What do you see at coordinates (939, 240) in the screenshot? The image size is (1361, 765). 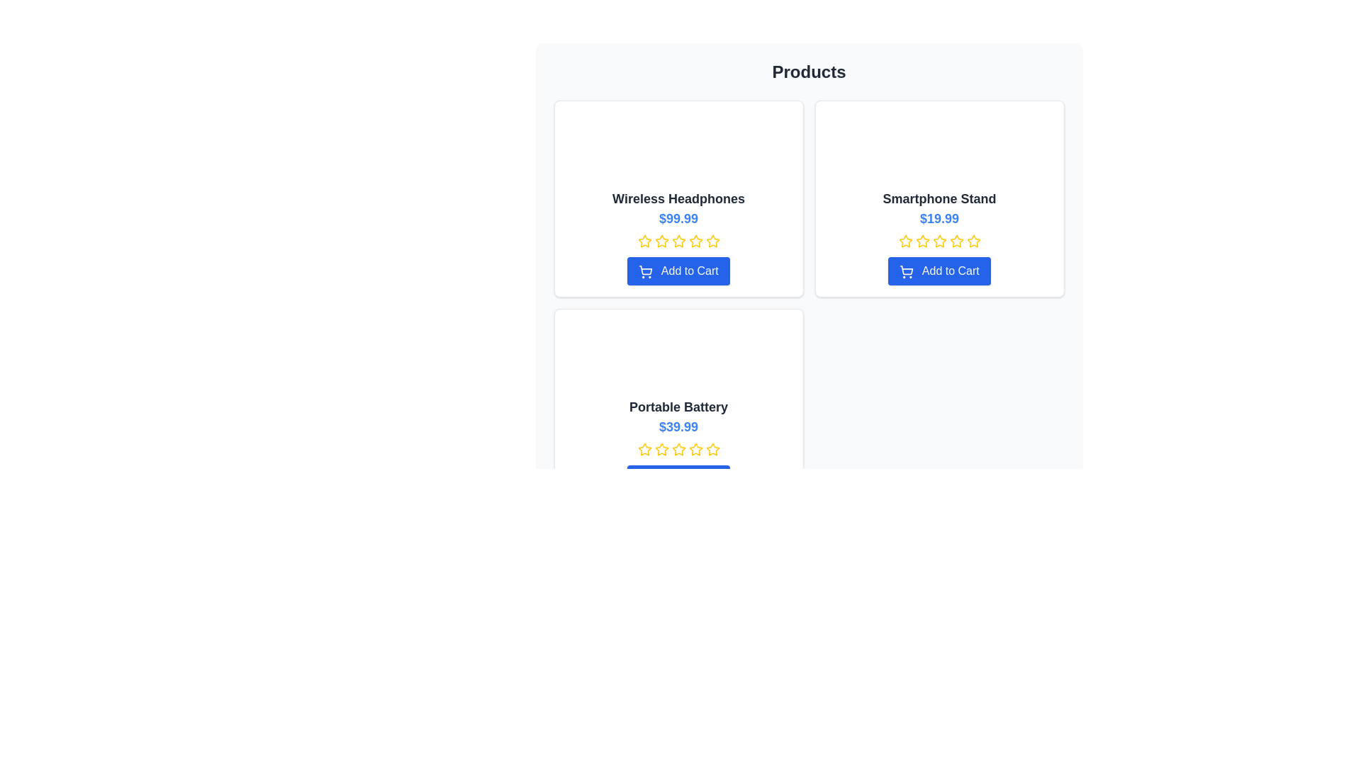 I see `the fourth yellow star icon in the rating component beneath the 'Smartphone Stand' product to rate it` at bounding box center [939, 240].